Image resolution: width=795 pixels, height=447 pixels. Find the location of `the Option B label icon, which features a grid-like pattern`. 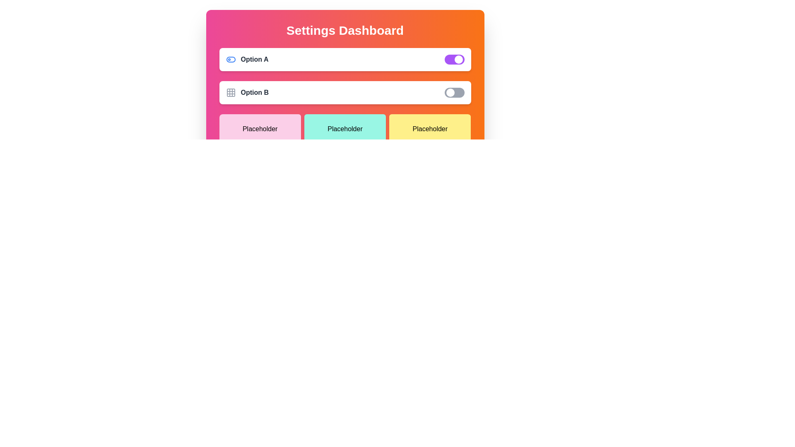

the Option B label icon, which features a grid-like pattern is located at coordinates (247, 92).